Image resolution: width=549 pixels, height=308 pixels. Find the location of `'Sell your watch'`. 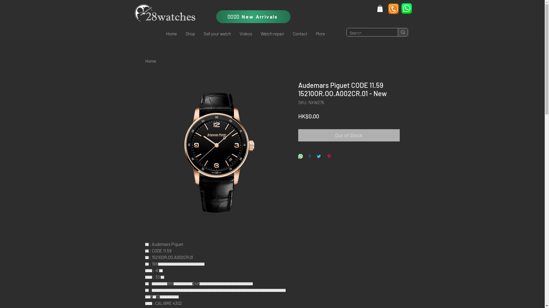

'Sell your watch' is located at coordinates (216, 34).